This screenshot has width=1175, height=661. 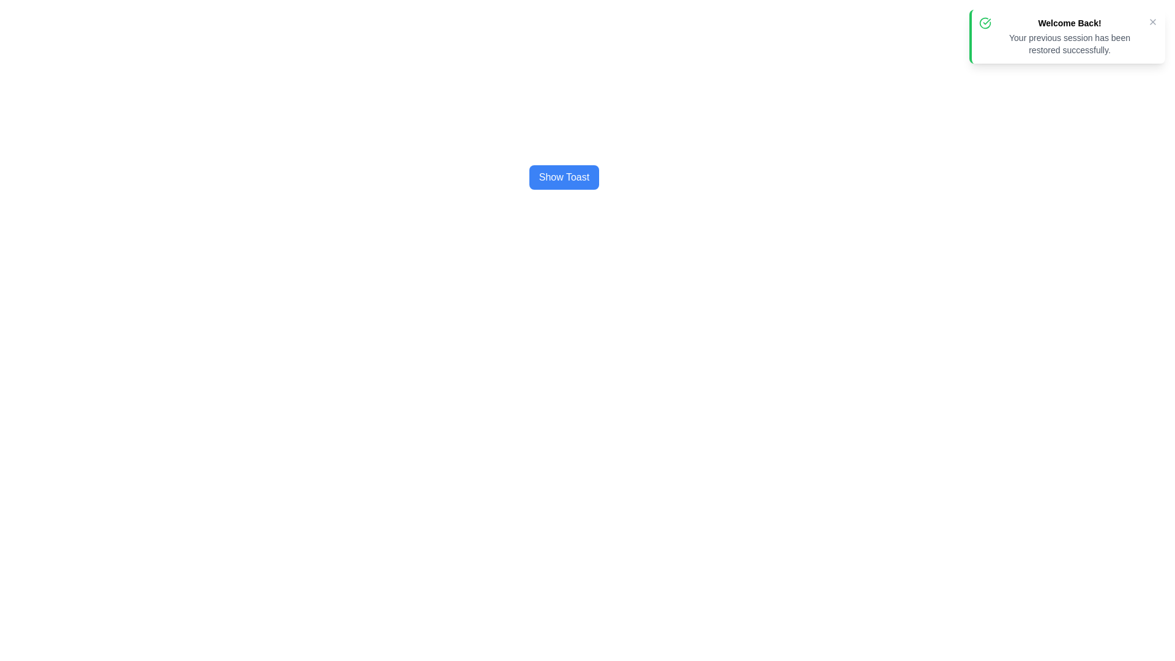 What do you see at coordinates (985, 23) in the screenshot?
I see `the circular icon with a green border and checkmark inside, located in the top-left corner of the notification box next to 'Welcome Back!'` at bounding box center [985, 23].